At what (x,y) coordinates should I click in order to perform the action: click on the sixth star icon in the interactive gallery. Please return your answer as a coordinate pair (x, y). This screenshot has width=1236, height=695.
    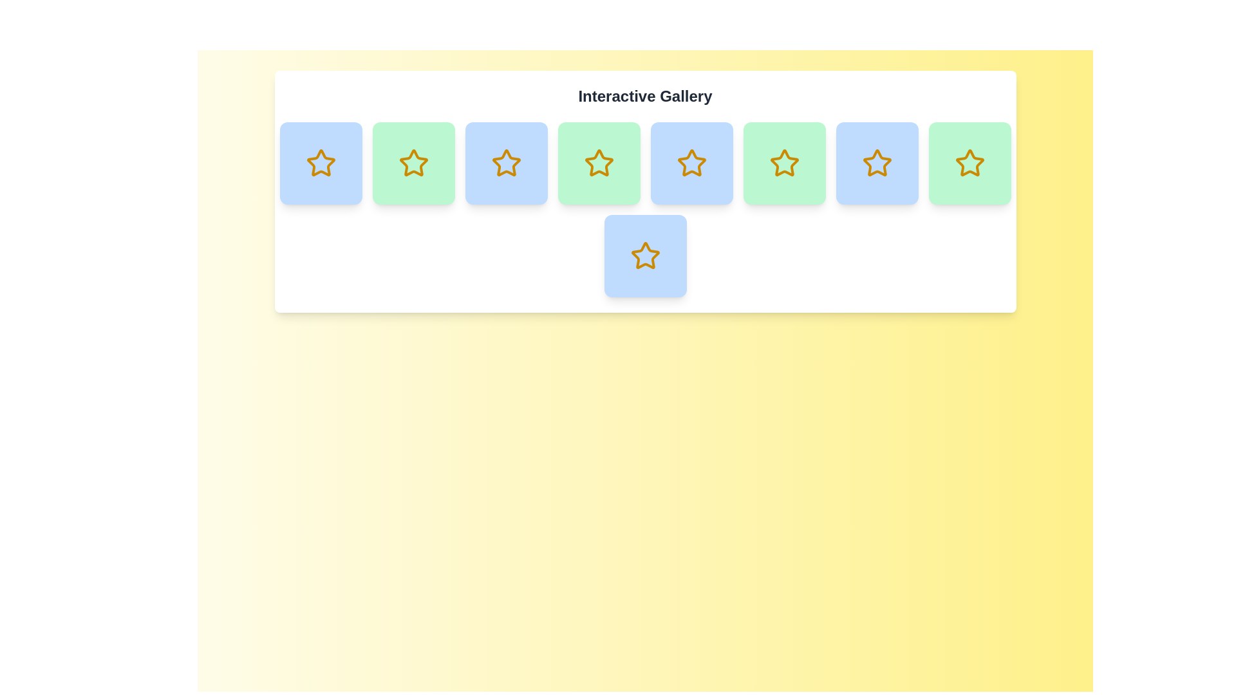
    Looking at the image, I should click on (783, 162).